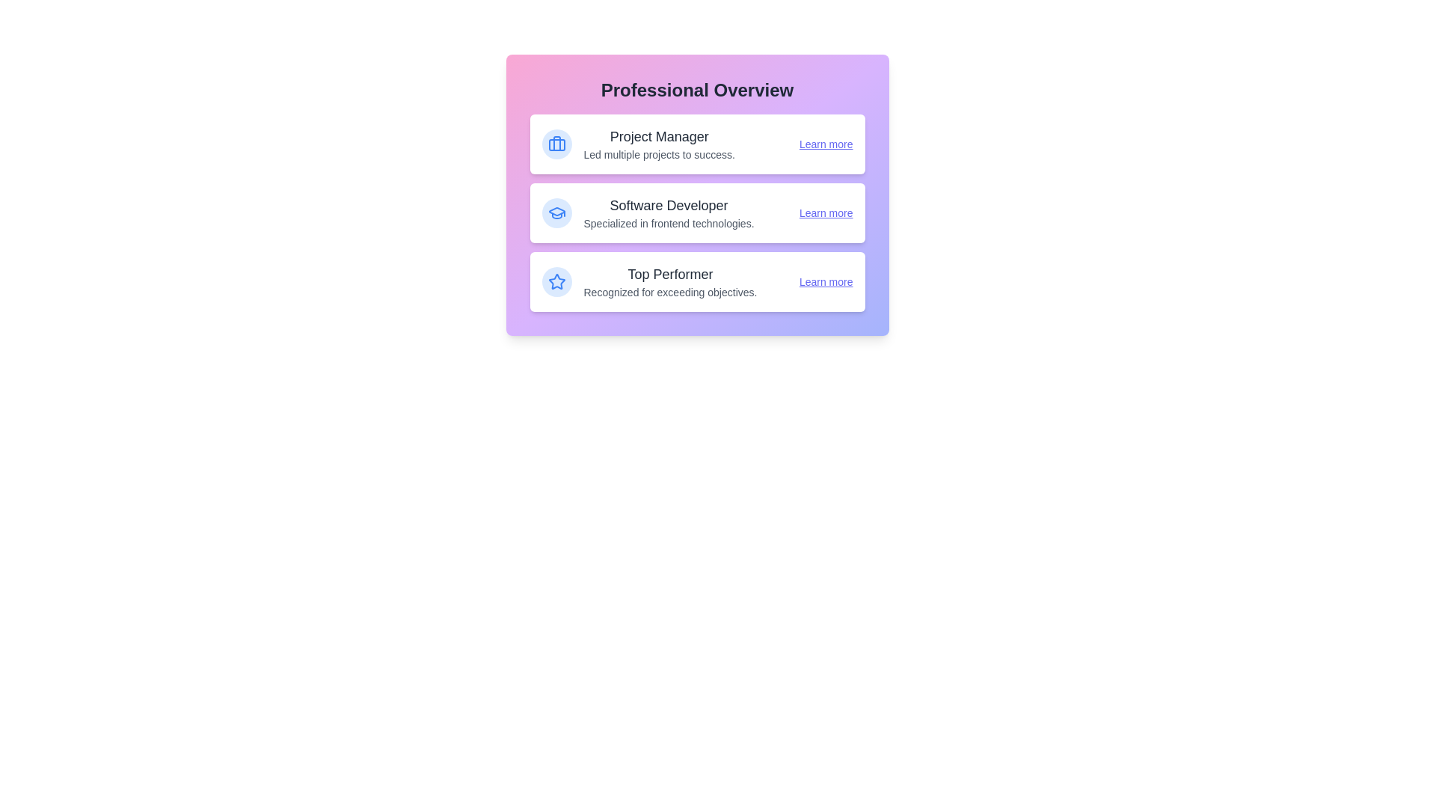 This screenshot has height=808, width=1436. What do you see at coordinates (696, 144) in the screenshot?
I see `the profile card for Project Manager` at bounding box center [696, 144].